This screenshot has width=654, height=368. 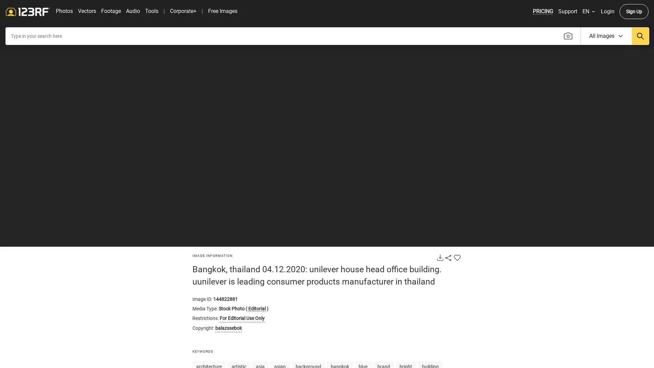 What do you see at coordinates (536, 253) in the screenshot?
I see `Compare` at bounding box center [536, 253].